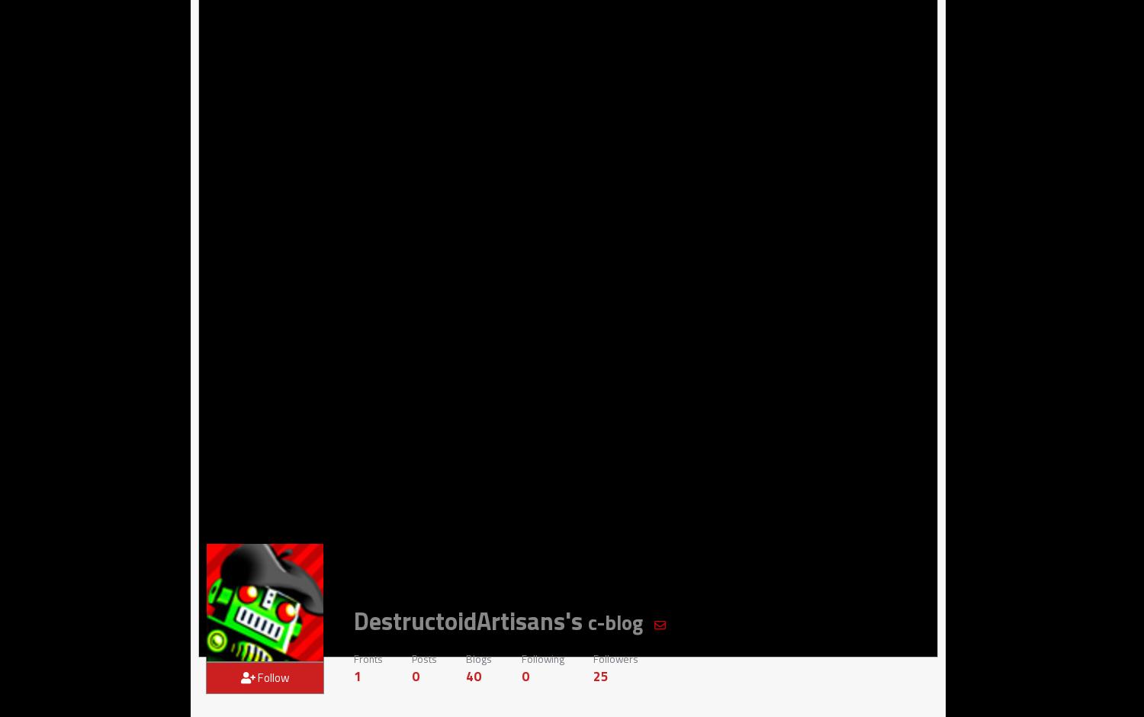 Image resolution: width=1144 pixels, height=717 pixels. I want to click on '25', so click(600, 676).